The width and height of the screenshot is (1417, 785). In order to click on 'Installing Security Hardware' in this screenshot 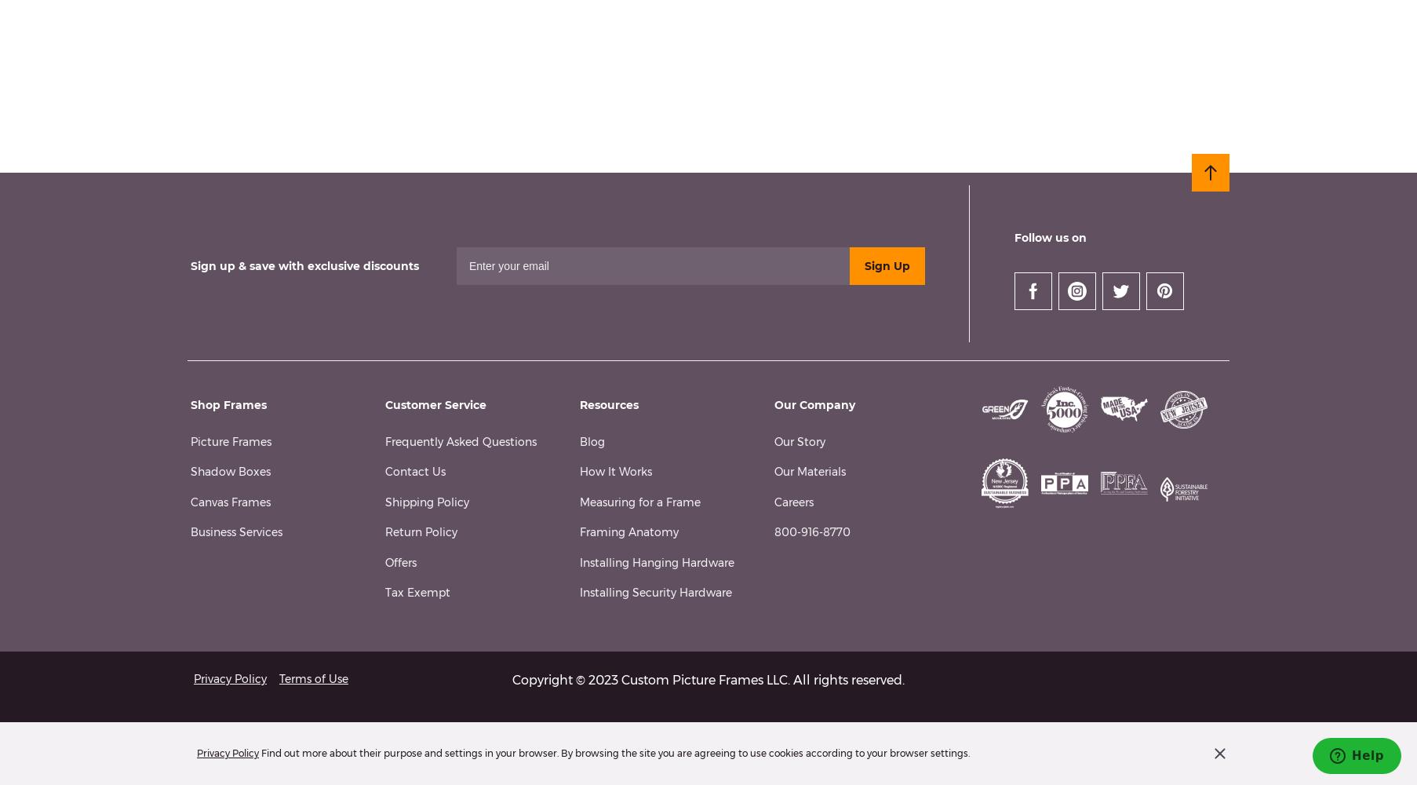, I will do `click(654, 593)`.